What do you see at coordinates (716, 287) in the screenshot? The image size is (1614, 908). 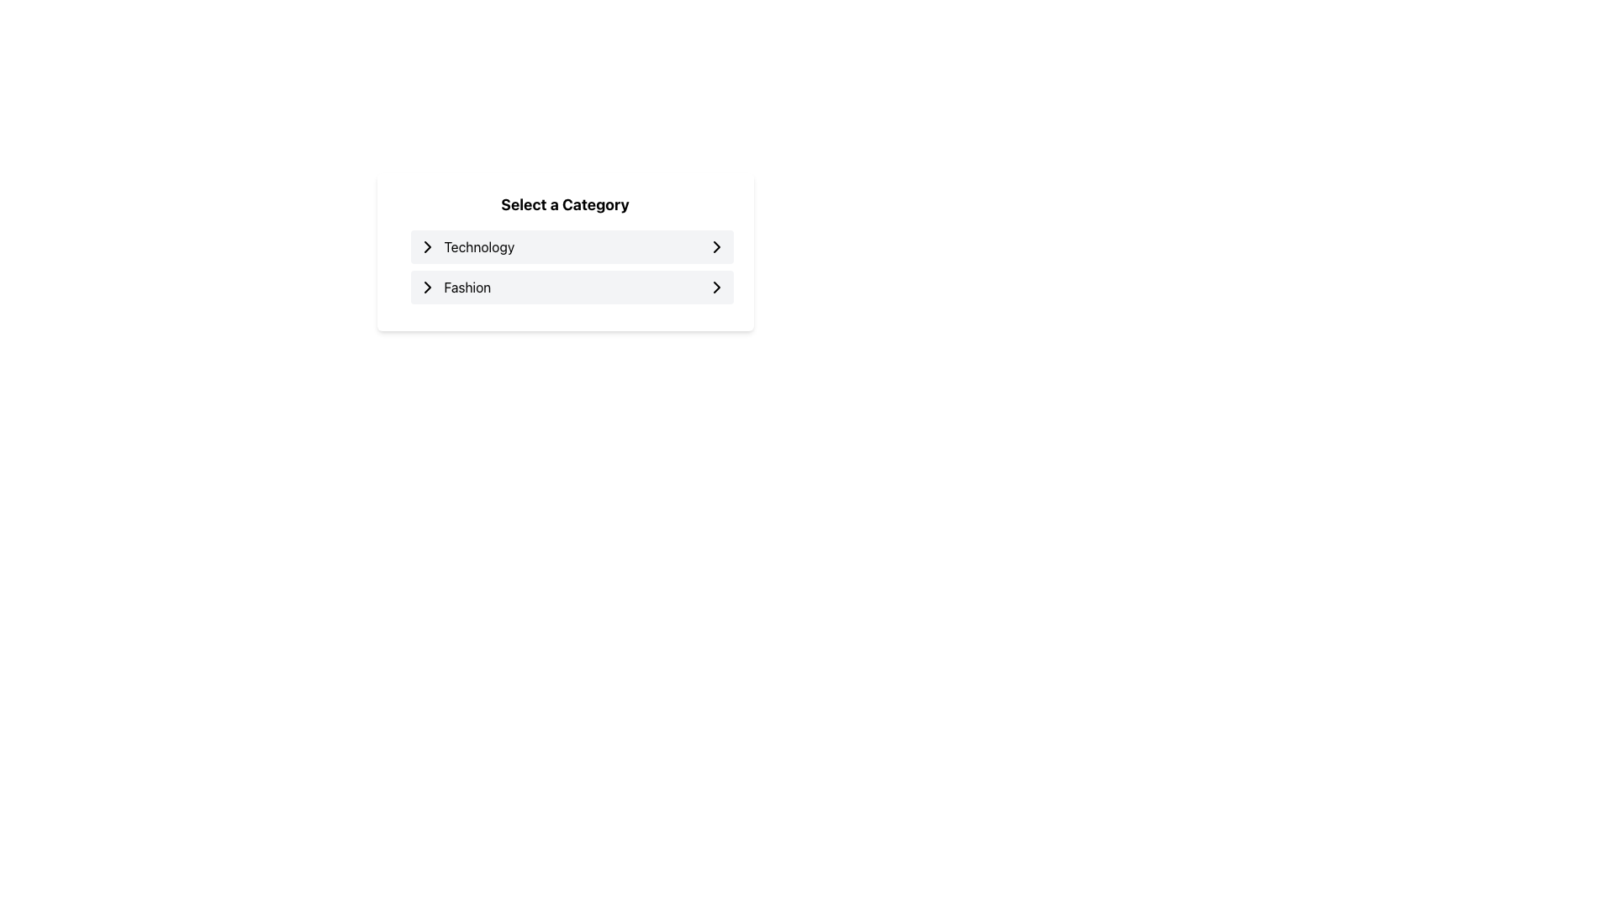 I see `the chevron right icon next to the 'Fashion' label` at bounding box center [716, 287].